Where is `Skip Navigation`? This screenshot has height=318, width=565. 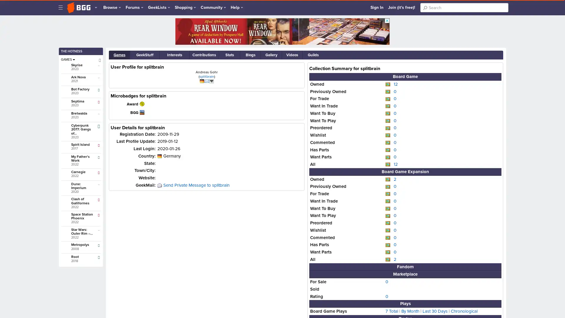
Skip Navigation is located at coordinates (62, 4).